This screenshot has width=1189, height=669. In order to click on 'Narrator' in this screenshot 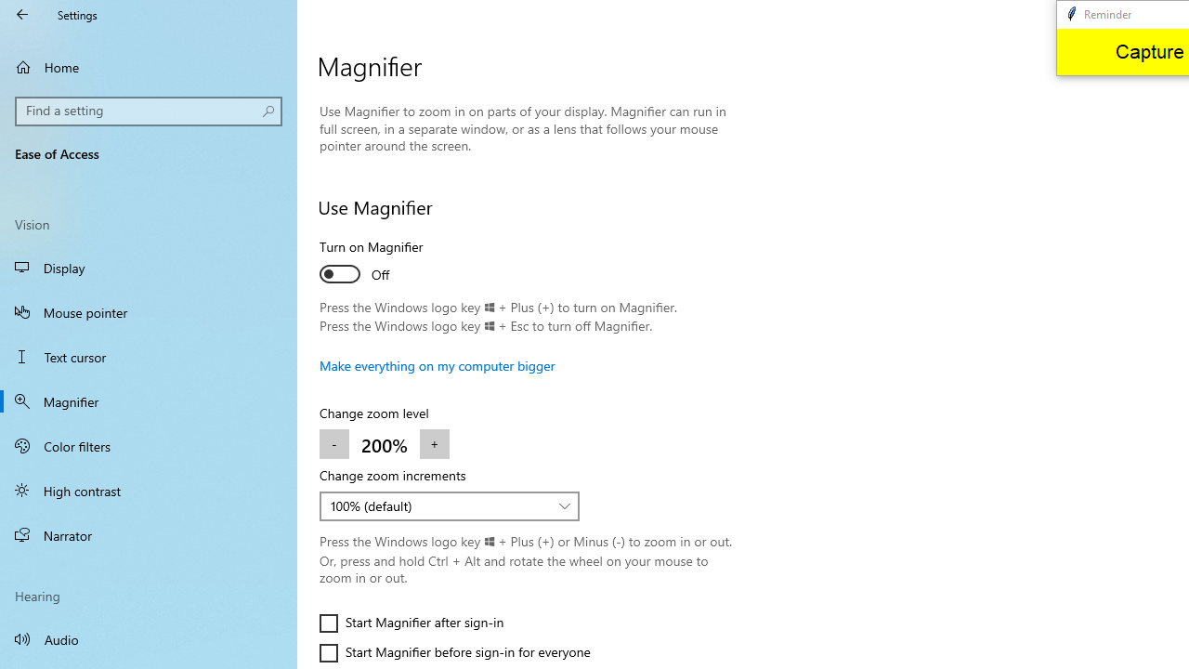, I will do `click(149, 535)`.